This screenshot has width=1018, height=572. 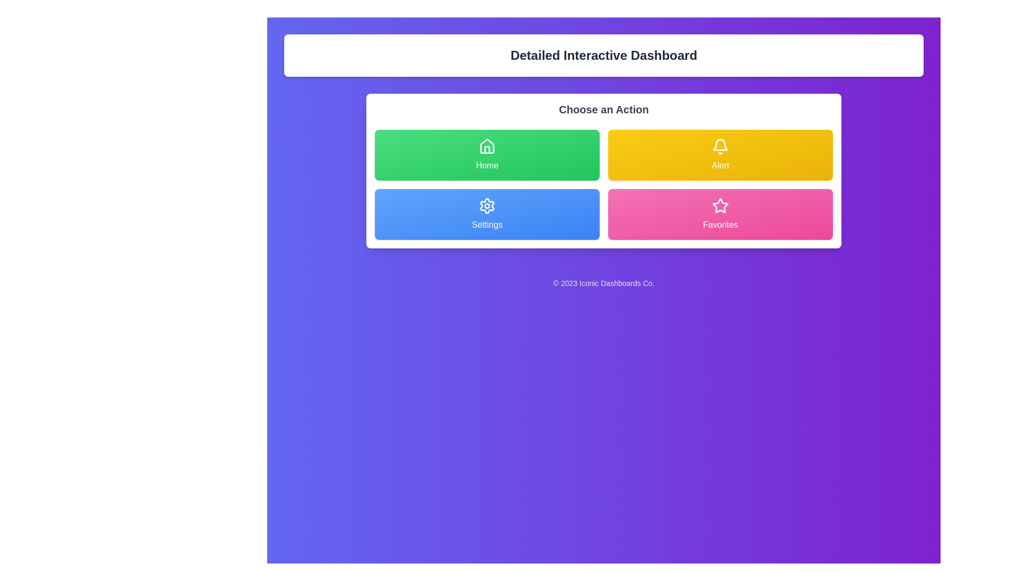 What do you see at coordinates (720, 165) in the screenshot?
I see `text label 'Alert' located on the yellow button in the top-right section of the options grid, which is centered below a bell icon` at bounding box center [720, 165].